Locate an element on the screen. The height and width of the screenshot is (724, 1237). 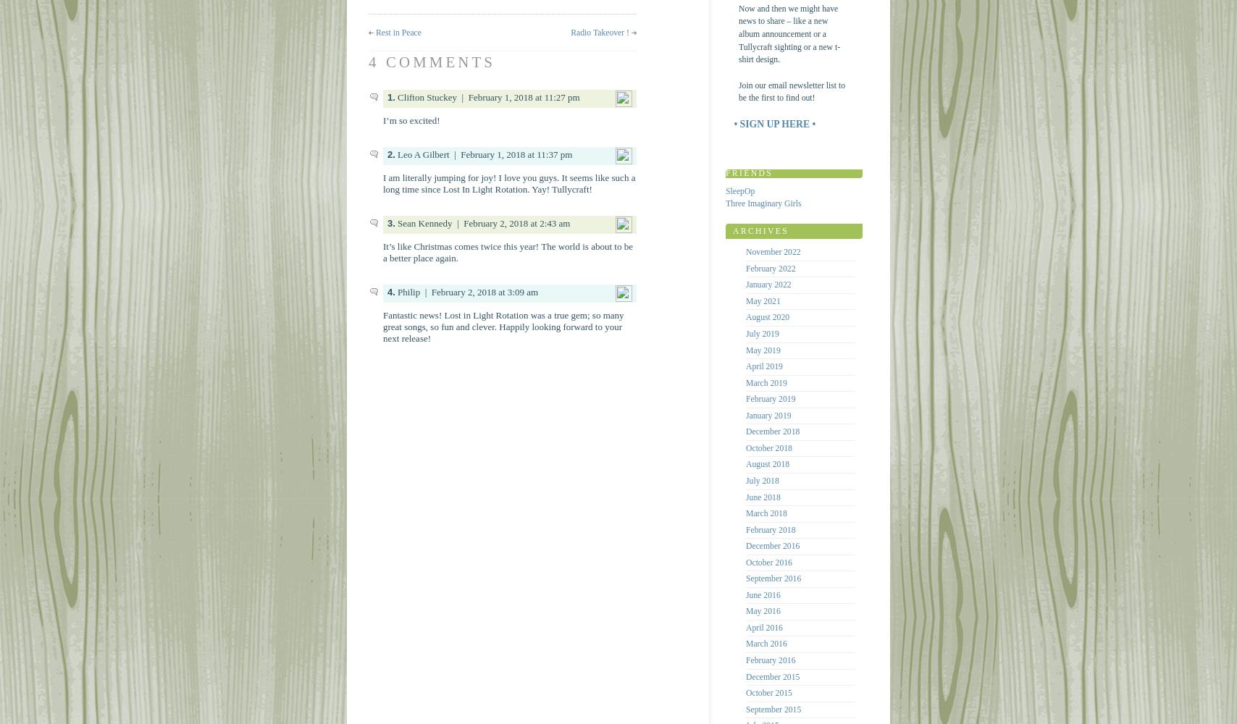
'Archives' is located at coordinates (760, 230).